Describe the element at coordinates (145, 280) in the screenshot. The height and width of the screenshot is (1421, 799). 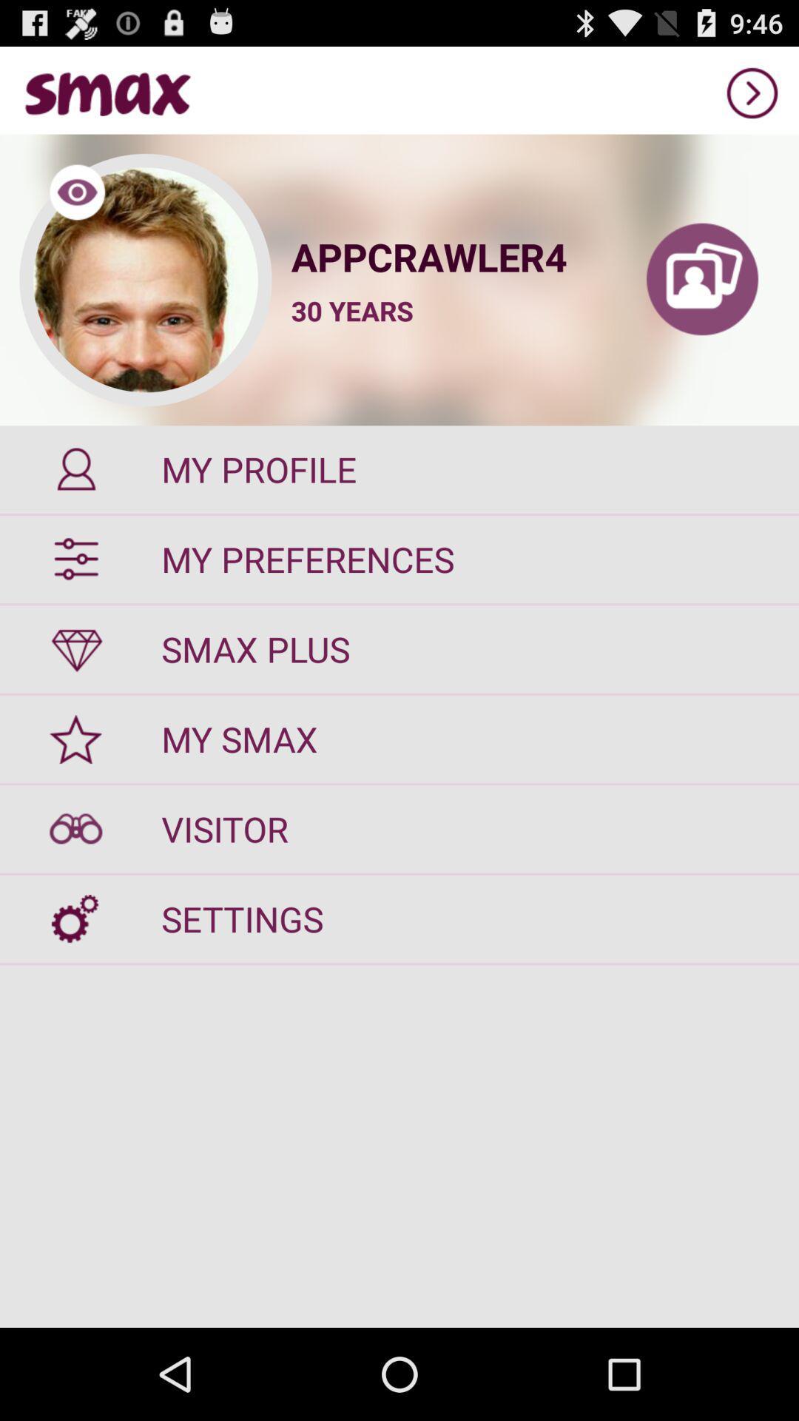
I see `profile photo view button` at that location.